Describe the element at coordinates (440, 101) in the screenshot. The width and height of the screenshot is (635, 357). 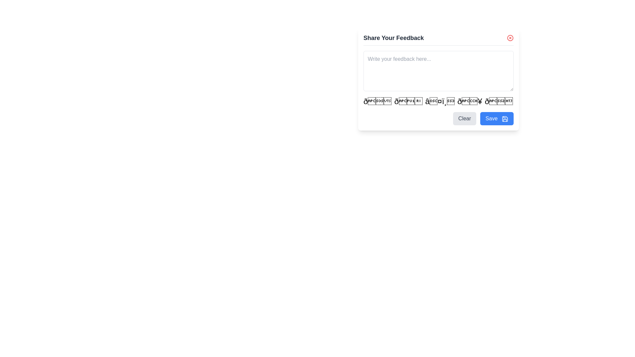
I see `the heart-shaped icon, which is the third icon from the left in a horizontal array of five icons located near the bottom-right corner of a feedback panel` at that location.